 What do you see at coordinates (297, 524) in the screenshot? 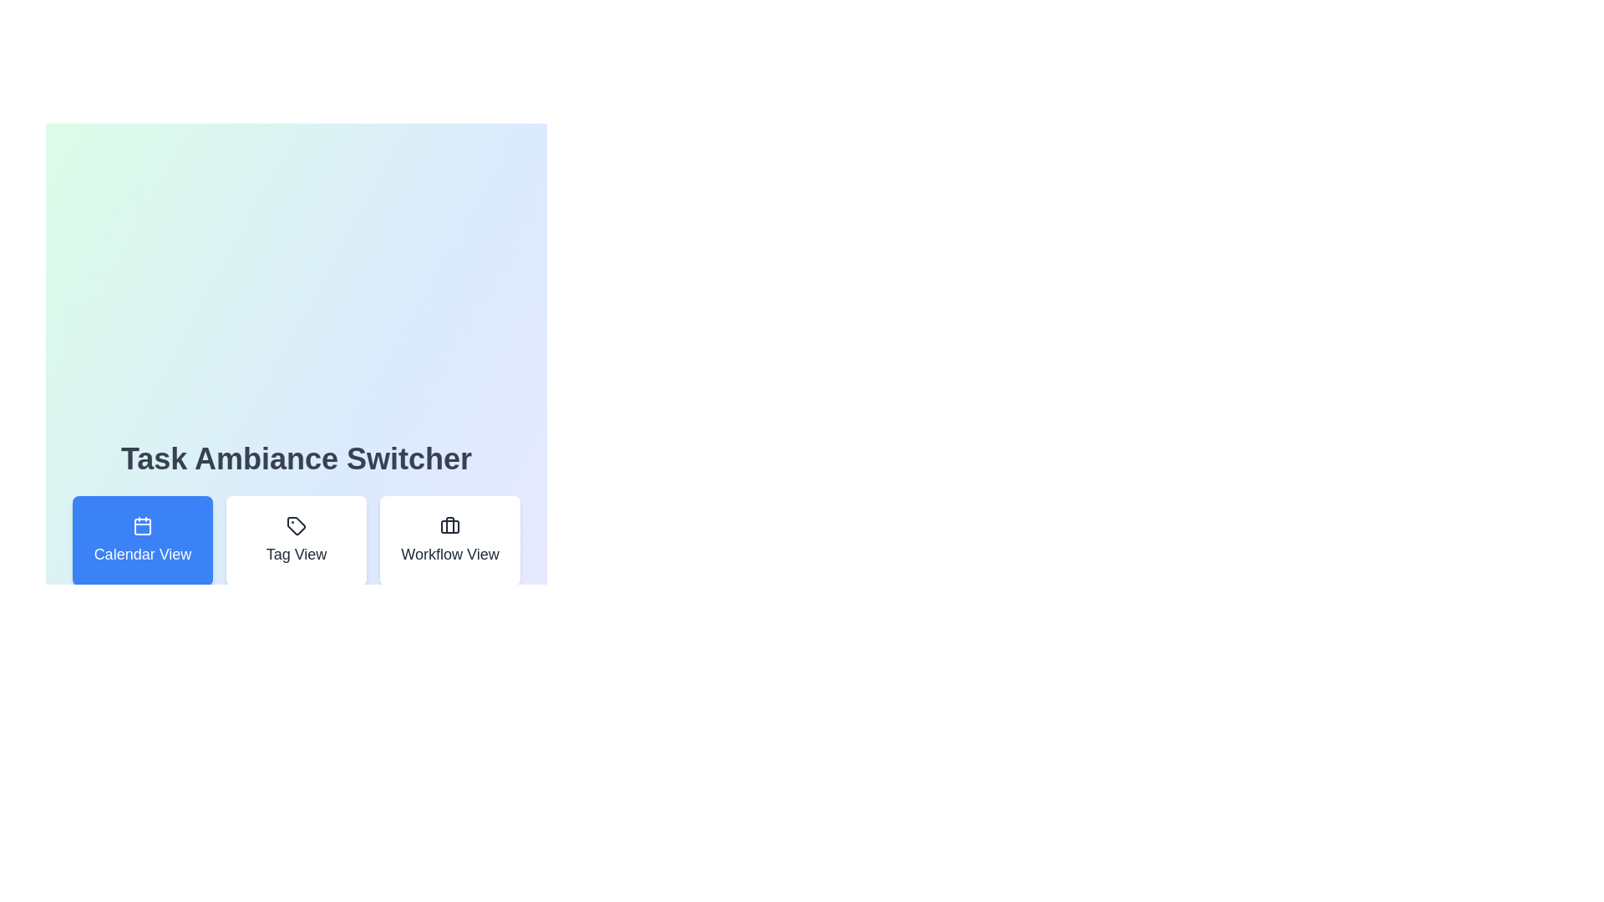
I see `the tagging icon located centrally above the 'Tag View' text label, which is part of a horizontal arrangement of similar elements` at bounding box center [297, 524].